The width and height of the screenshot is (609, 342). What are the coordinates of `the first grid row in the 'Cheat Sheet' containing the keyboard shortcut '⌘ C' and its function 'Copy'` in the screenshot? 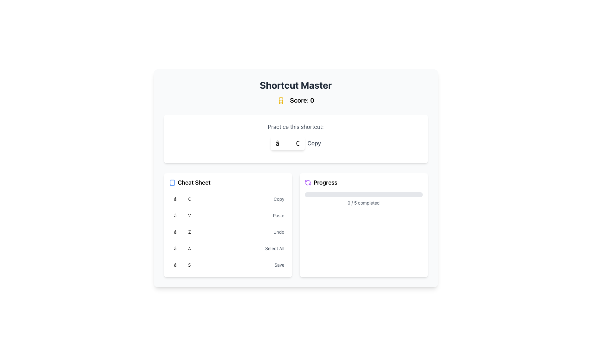 It's located at (228, 199).